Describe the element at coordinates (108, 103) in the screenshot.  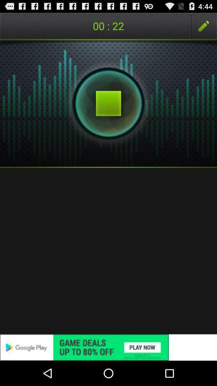
I see `tap to play` at that location.